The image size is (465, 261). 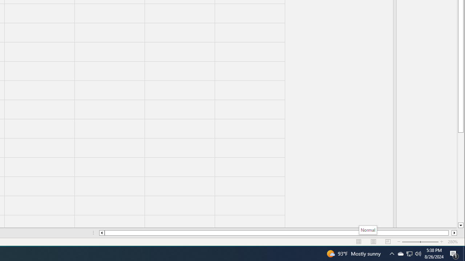 I want to click on 'Notification Chevron', so click(x=392, y=253).